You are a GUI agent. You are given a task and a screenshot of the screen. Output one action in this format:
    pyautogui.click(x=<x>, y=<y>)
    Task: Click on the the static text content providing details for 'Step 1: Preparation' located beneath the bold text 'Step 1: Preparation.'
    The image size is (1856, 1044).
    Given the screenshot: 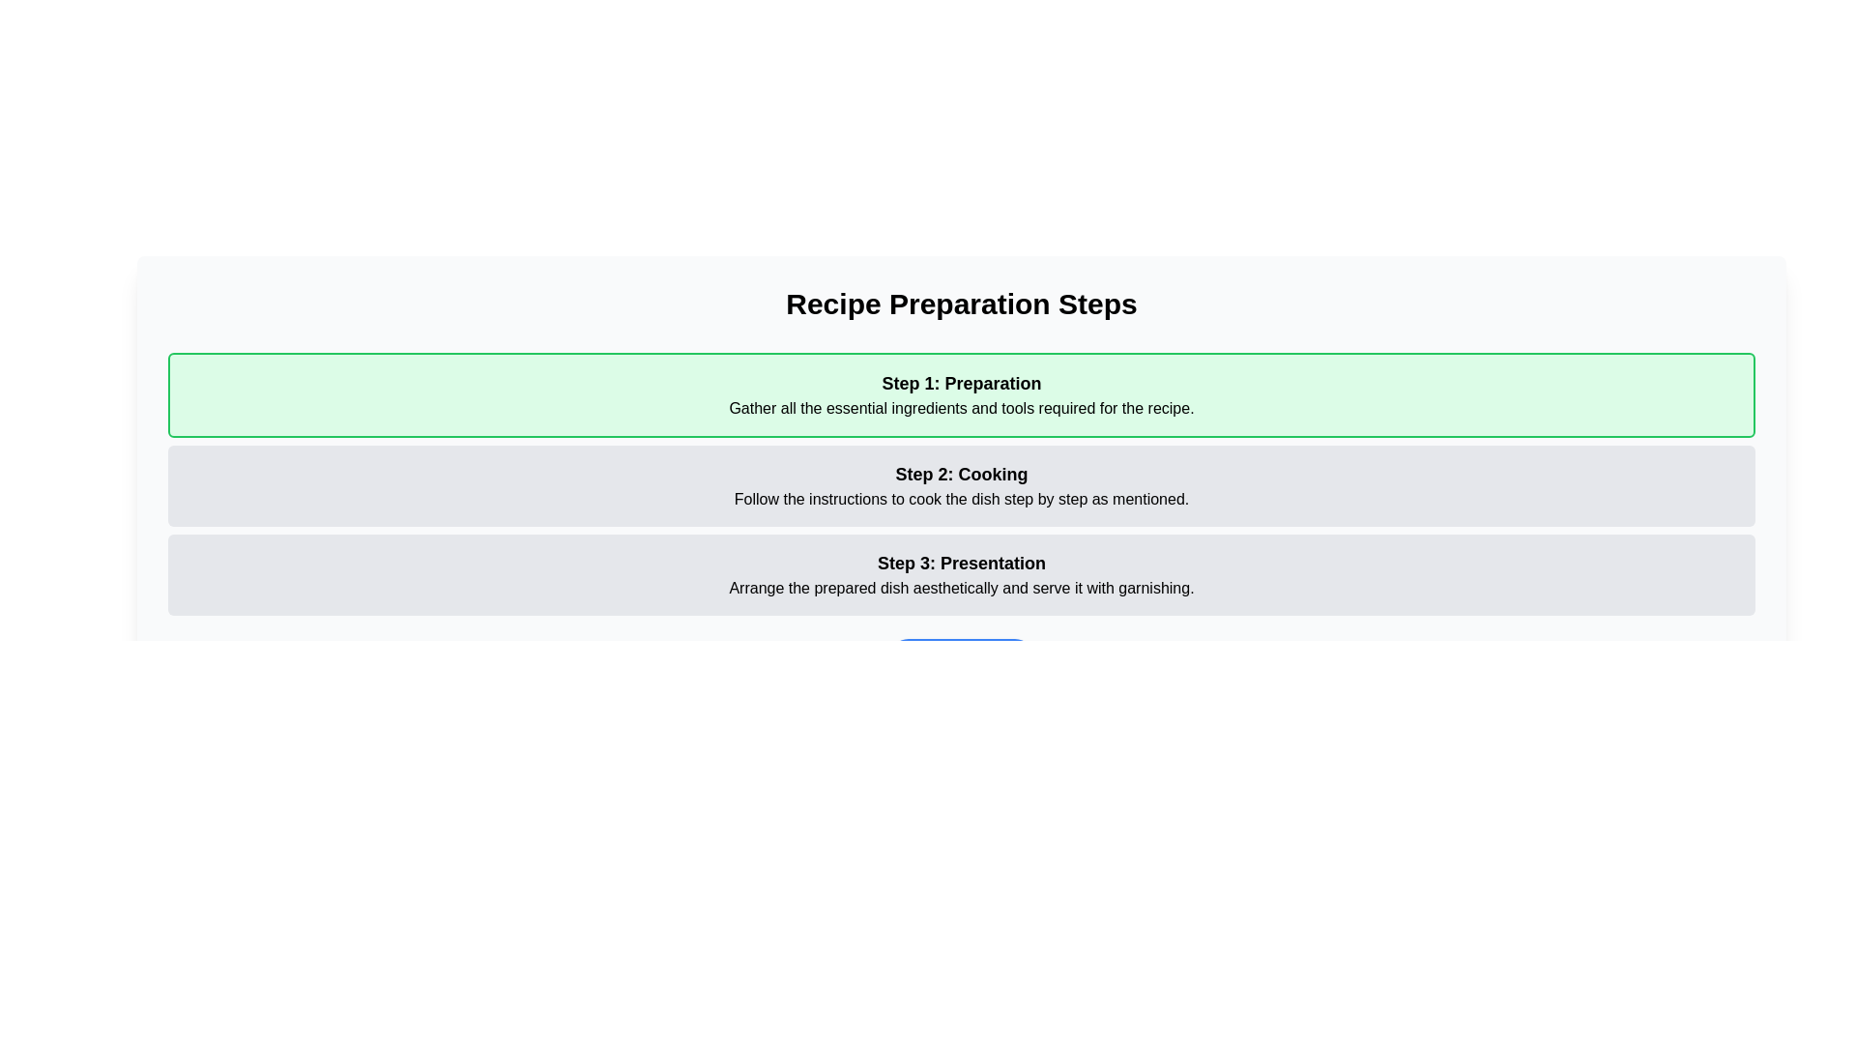 What is the action you would take?
    pyautogui.click(x=961, y=408)
    